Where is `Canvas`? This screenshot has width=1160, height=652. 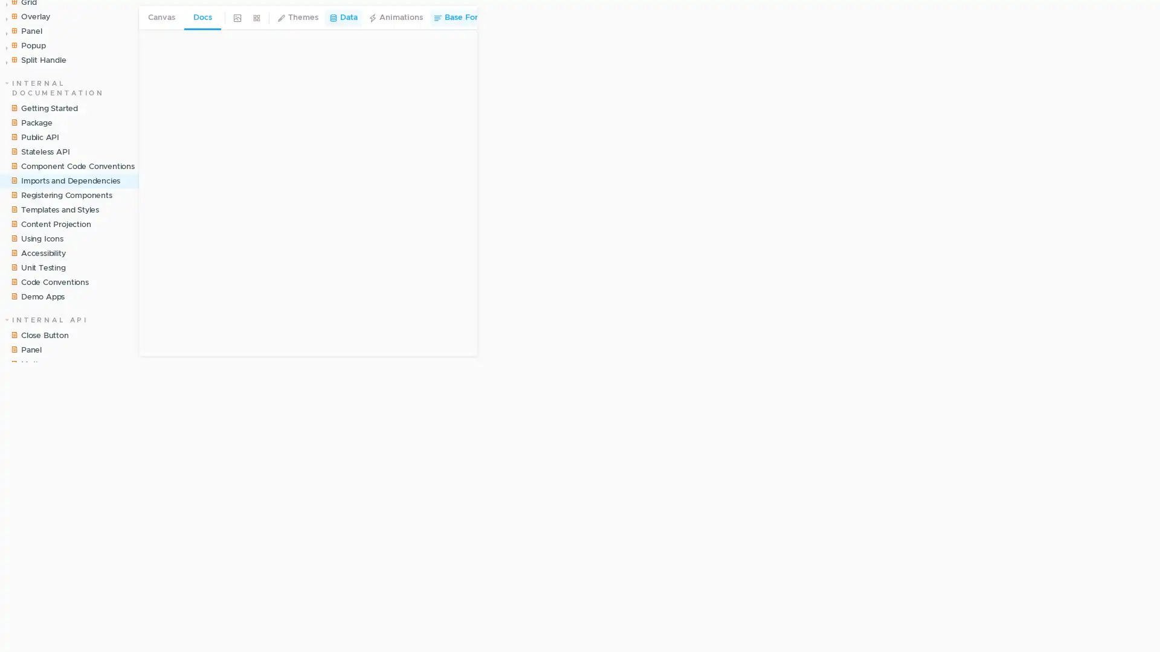 Canvas is located at coordinates (161, 18).